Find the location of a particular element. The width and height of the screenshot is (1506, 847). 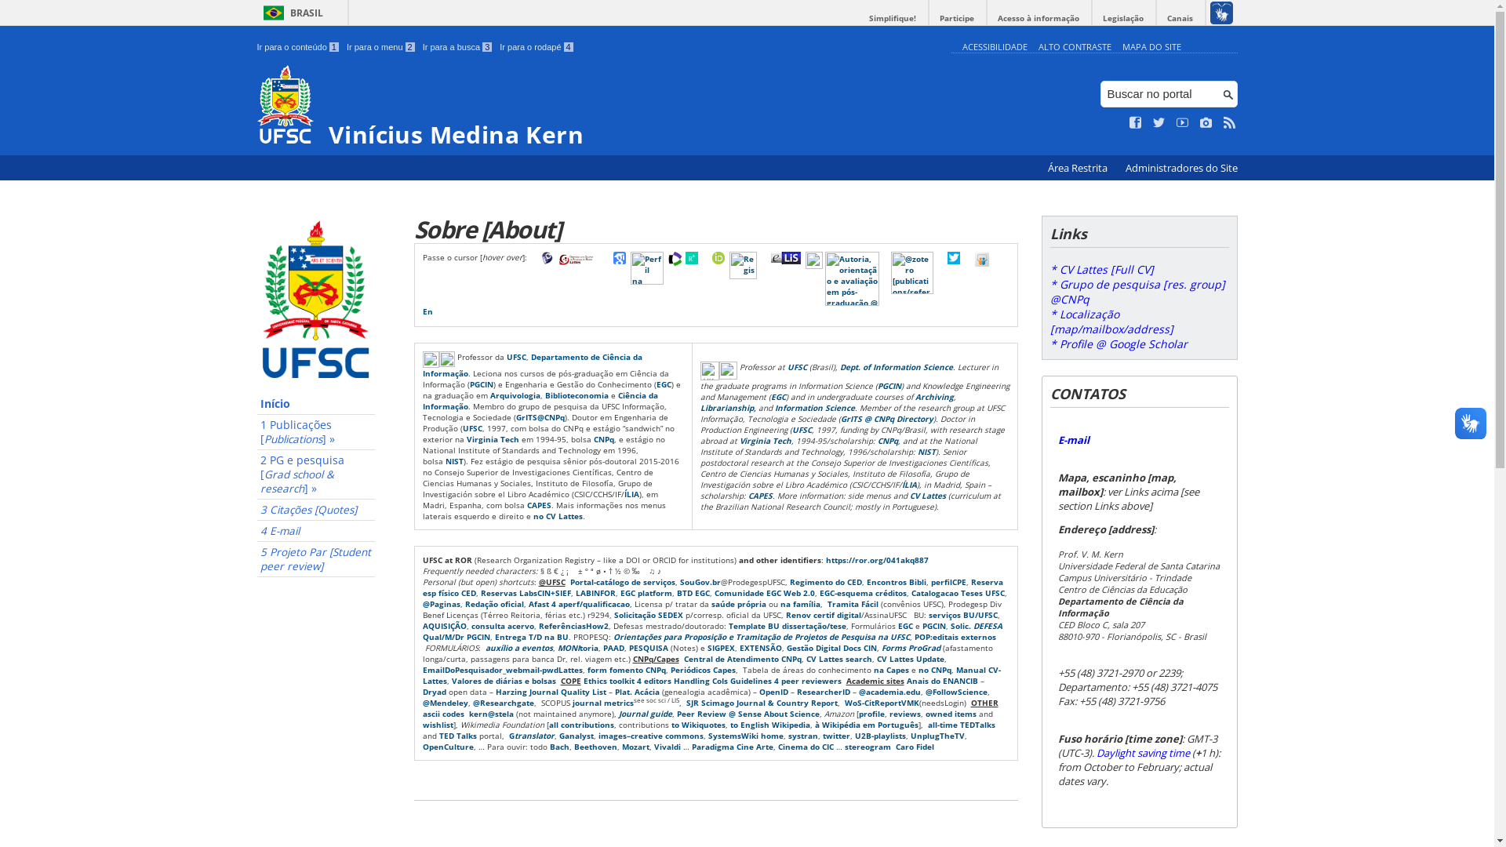

'ACESSIBILIDADE' is located at coordinates (993, 45).